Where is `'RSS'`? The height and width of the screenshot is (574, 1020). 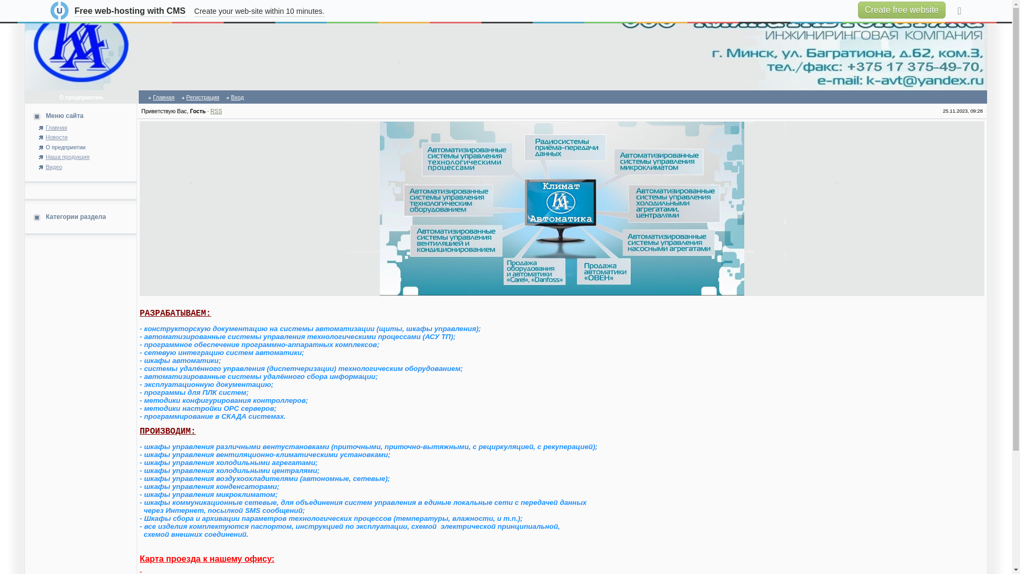 'RSS' is located at coordinates (216, 111).